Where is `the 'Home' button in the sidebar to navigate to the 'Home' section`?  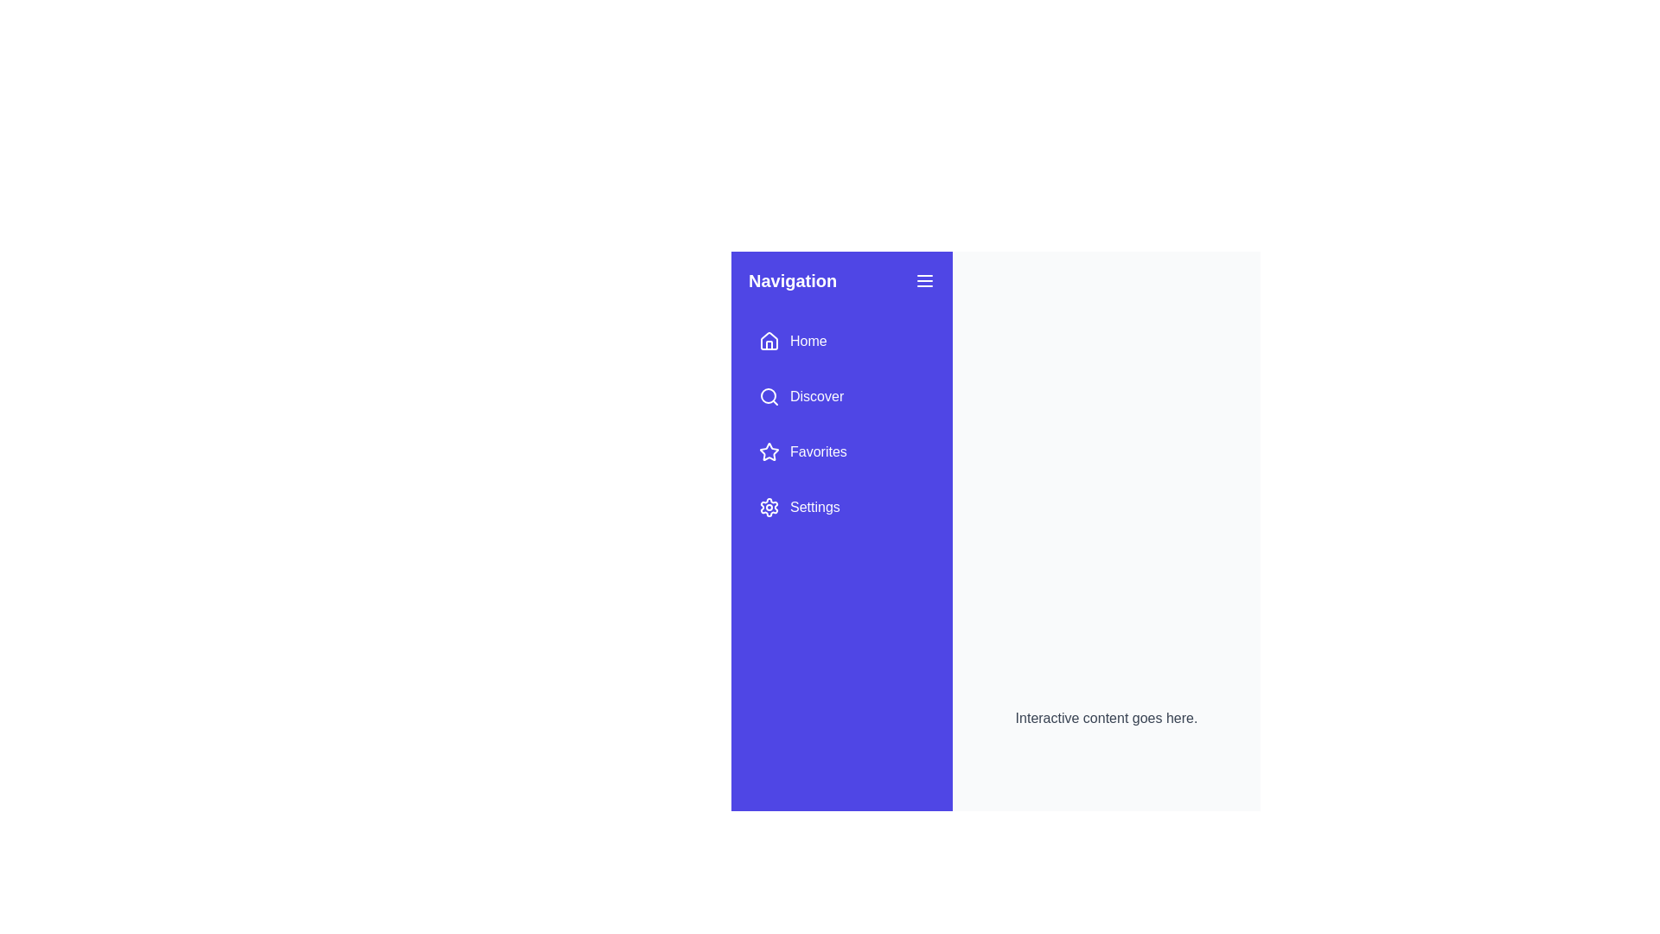 the 'Home' button in the sidebar to navigate to the 'Home' section is located at coordinates (791, 341).